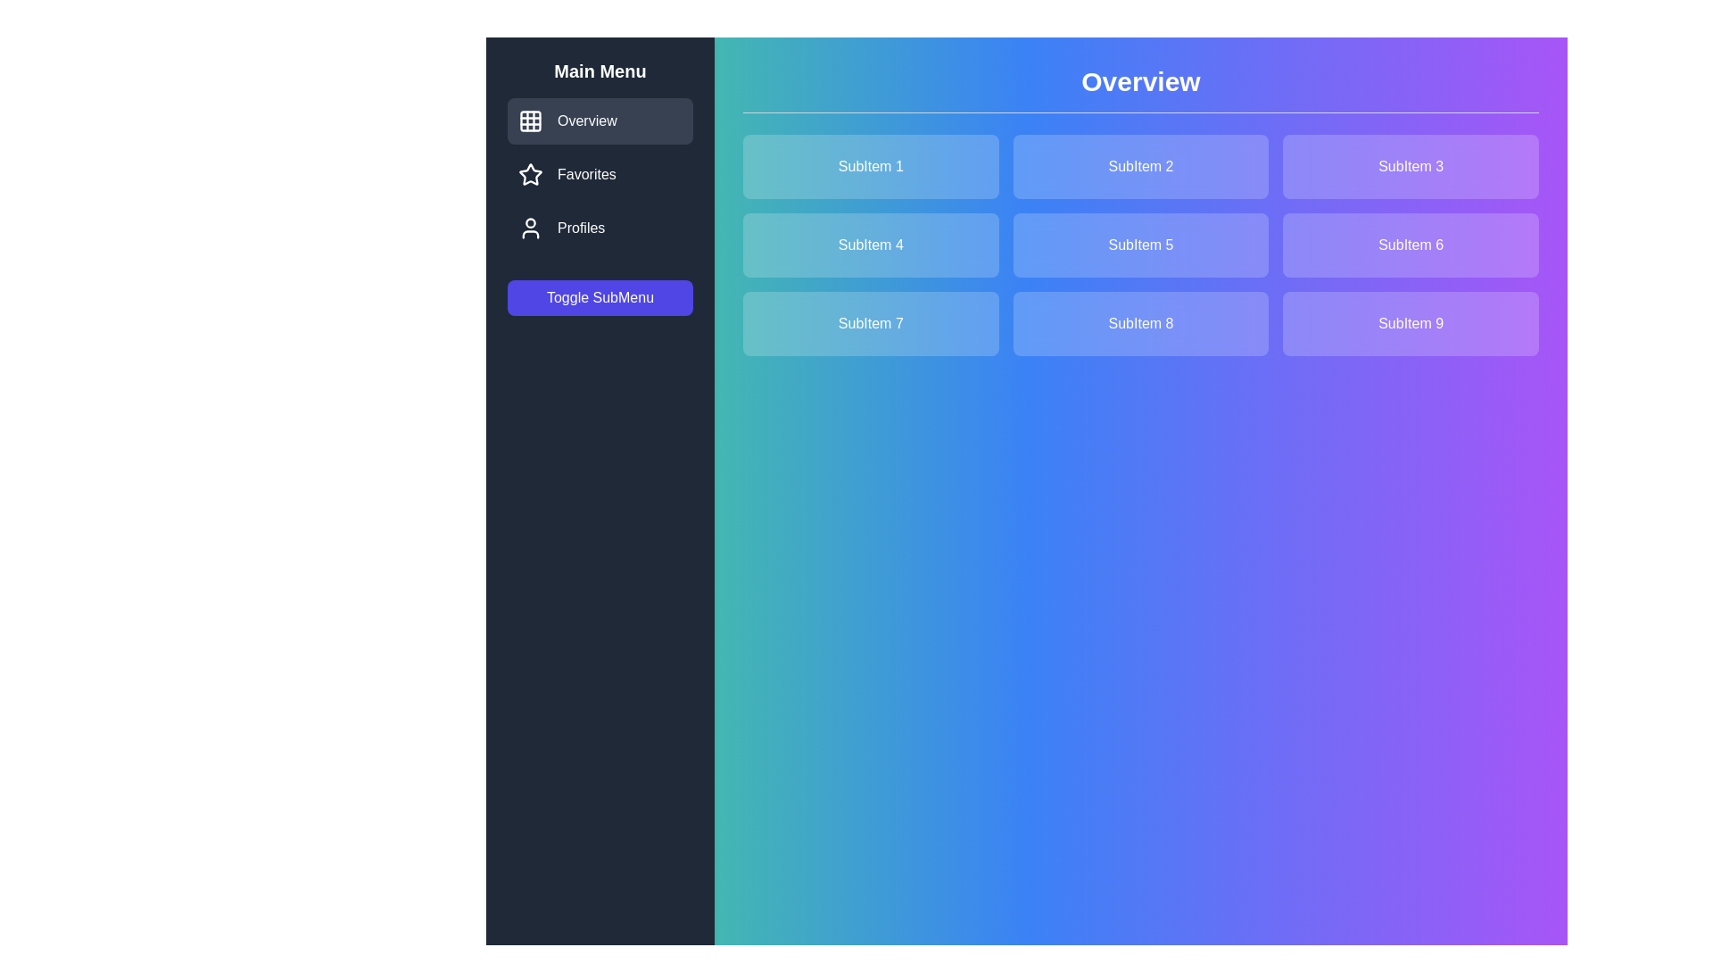 Image resolution: width=1713 pixels, height=964 pixels. What do you see at coordinates (1139, 89) in the screenshot?
I see `the 'Overview' title to focus or select the text` at bounding box center [1139, 89].